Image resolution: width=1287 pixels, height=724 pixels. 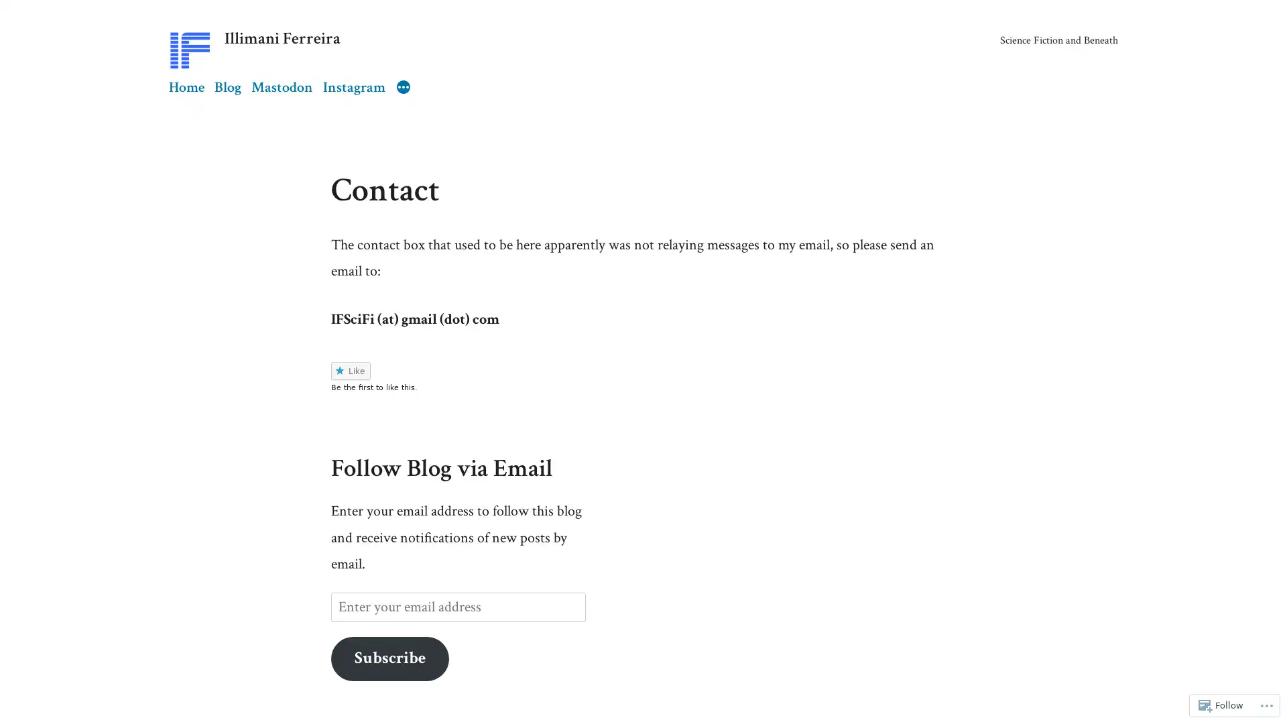 What do you see at coordinates (389, 658) in the screenshot?
I see `Subscribe` at bounding box center [389, 658].